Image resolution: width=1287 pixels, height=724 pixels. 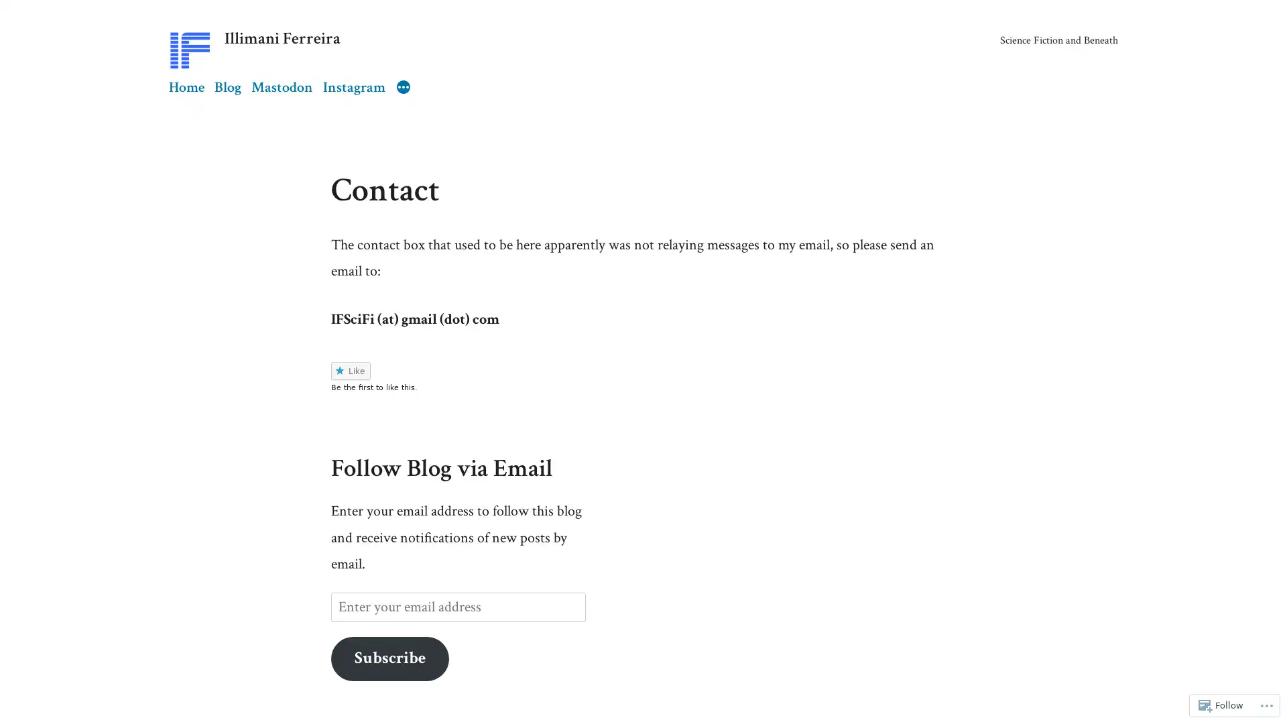 What do you see at coordinates (389, 658) in the screenshot?
I see `Subscribe` at bounding box center [389, 658].